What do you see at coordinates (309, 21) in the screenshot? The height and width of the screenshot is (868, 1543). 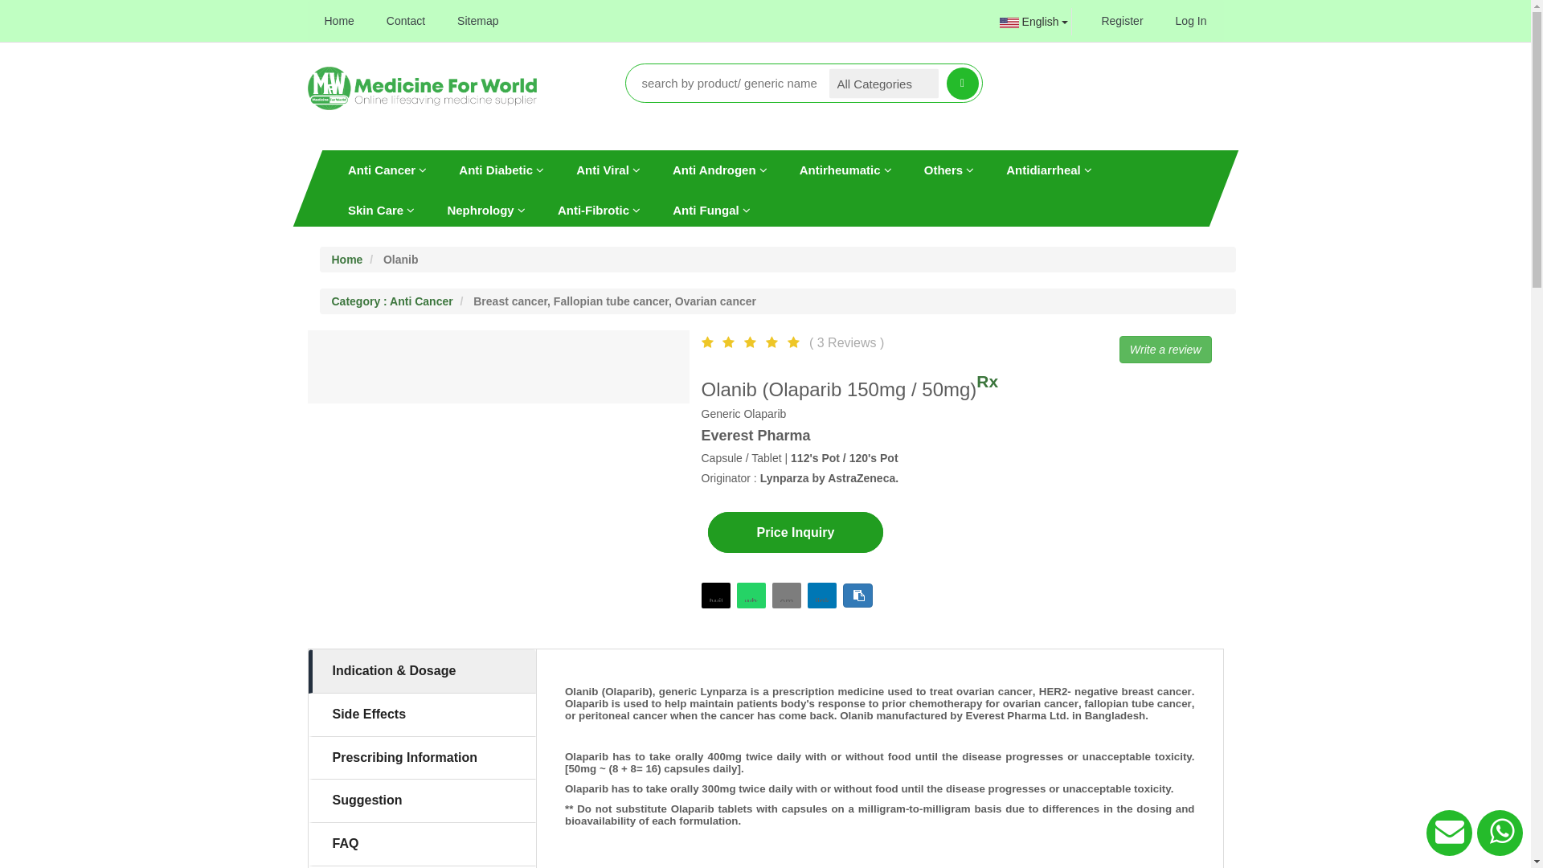 I see `'Home'` at bounding box center [309, 21].